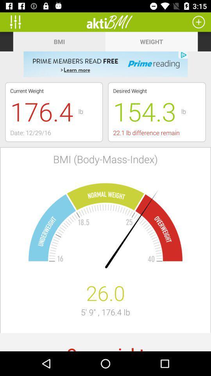 The height and width of the screenshot is (376, 211). What do you see at coordinates (105, 64) in the screenshot?
I see `for amazon prime reading` at bounding box center [105, 64].